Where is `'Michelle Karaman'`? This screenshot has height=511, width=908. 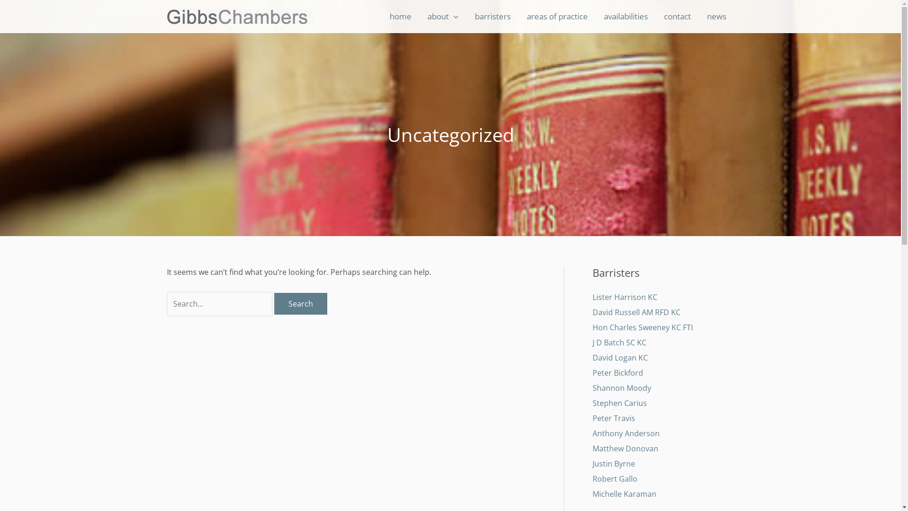
'Michelle Karaman' is located at coordinates (624, 493).